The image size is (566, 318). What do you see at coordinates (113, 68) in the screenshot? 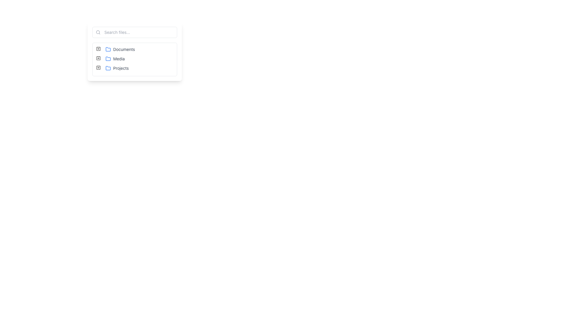
I see `to select the third item in the Projects section of the tree, located below 'Documents' and 'Media'` at bounding box center [113, 68].